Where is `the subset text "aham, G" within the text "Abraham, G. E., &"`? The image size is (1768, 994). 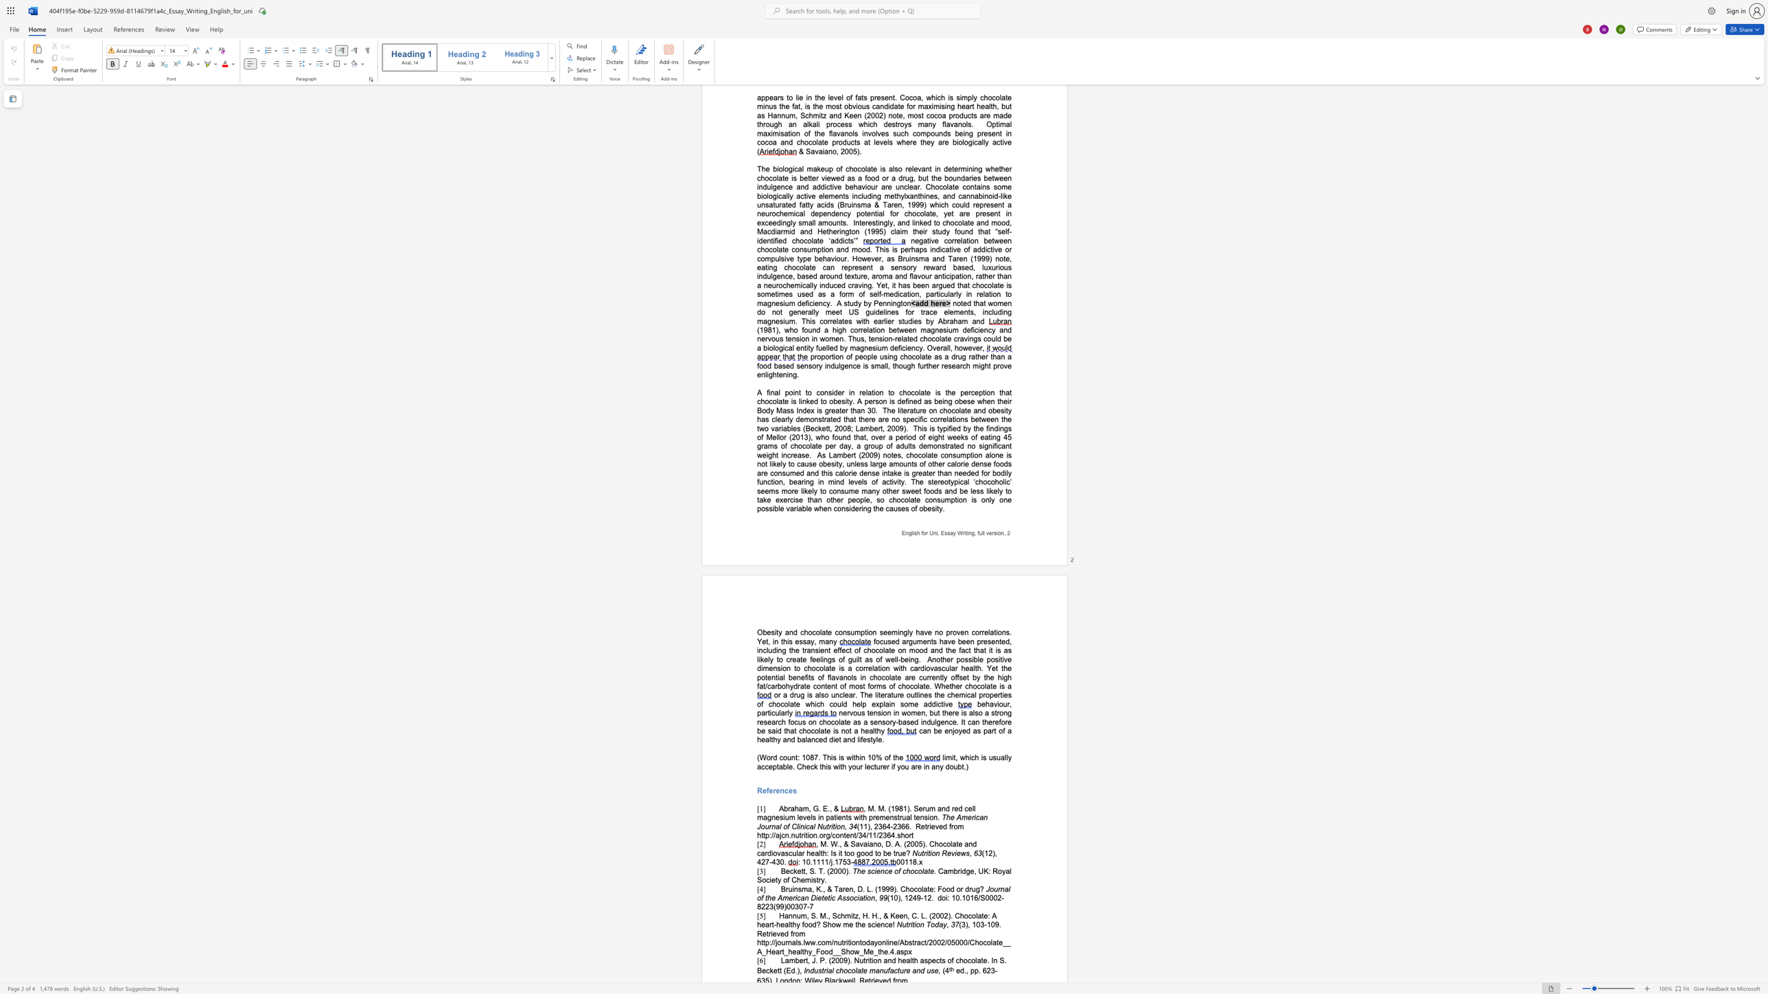
the subset text "aham, G" within the text "Abraham, G. E., &" is located at coordinates (789, 808).